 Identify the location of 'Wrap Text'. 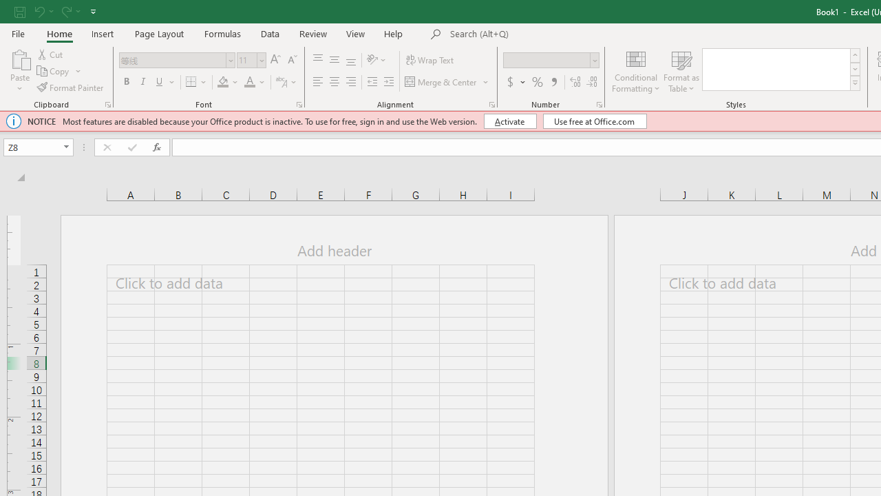
(429, 59).